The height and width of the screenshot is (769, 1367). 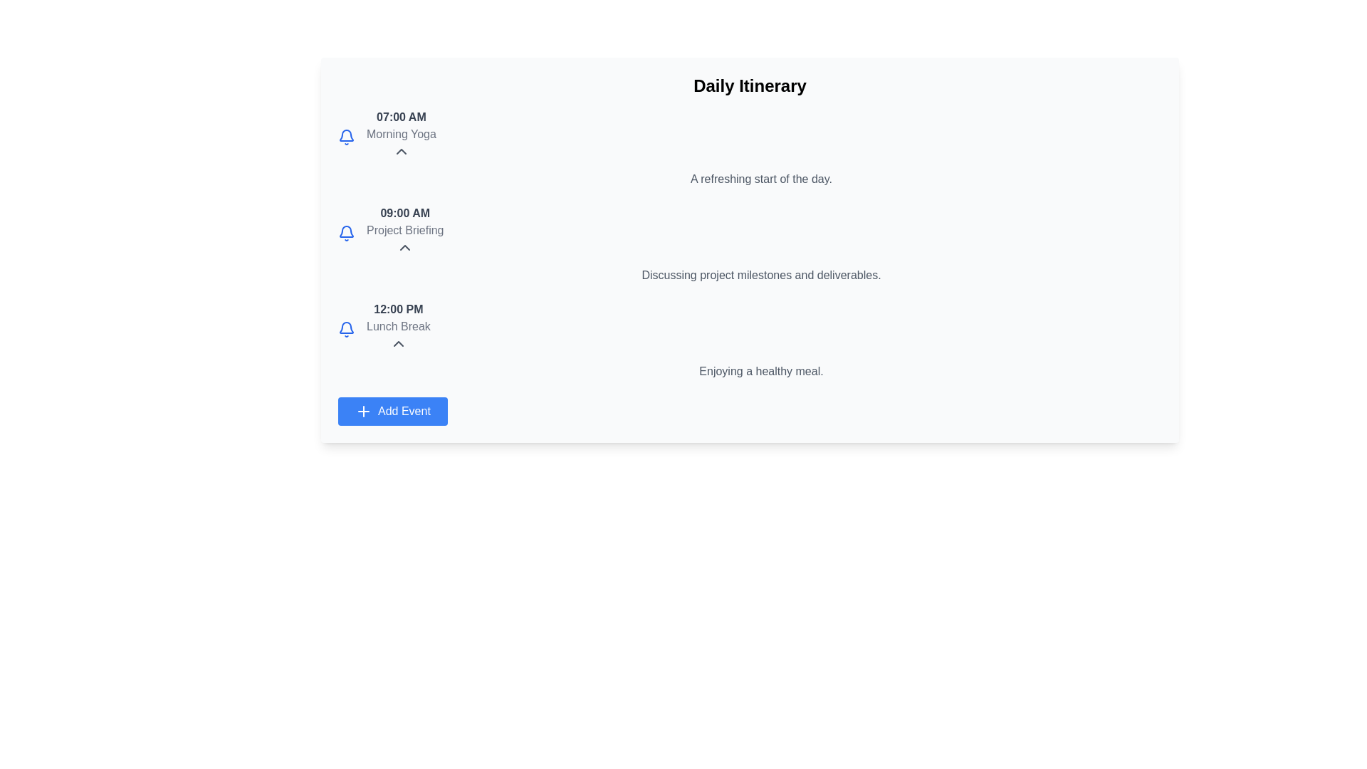 I want to click on the bell-shaped icon with a light blue stroke, so click(x=346, y=137).